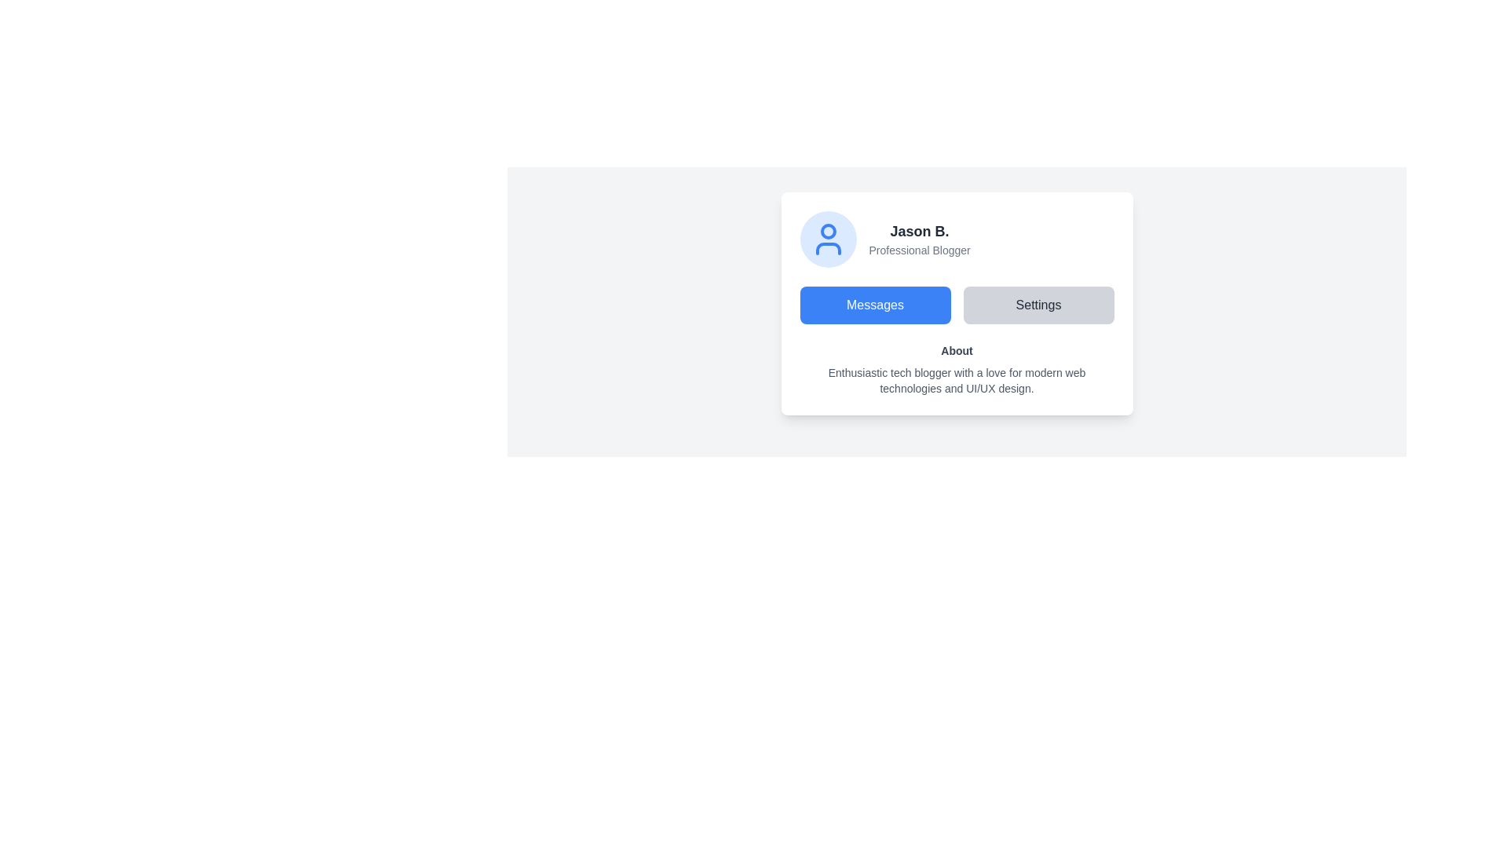 The image size is (1508, 848). I want to click on the blue rectangular button labeled 'Messages' with white text, so click(874, 305).